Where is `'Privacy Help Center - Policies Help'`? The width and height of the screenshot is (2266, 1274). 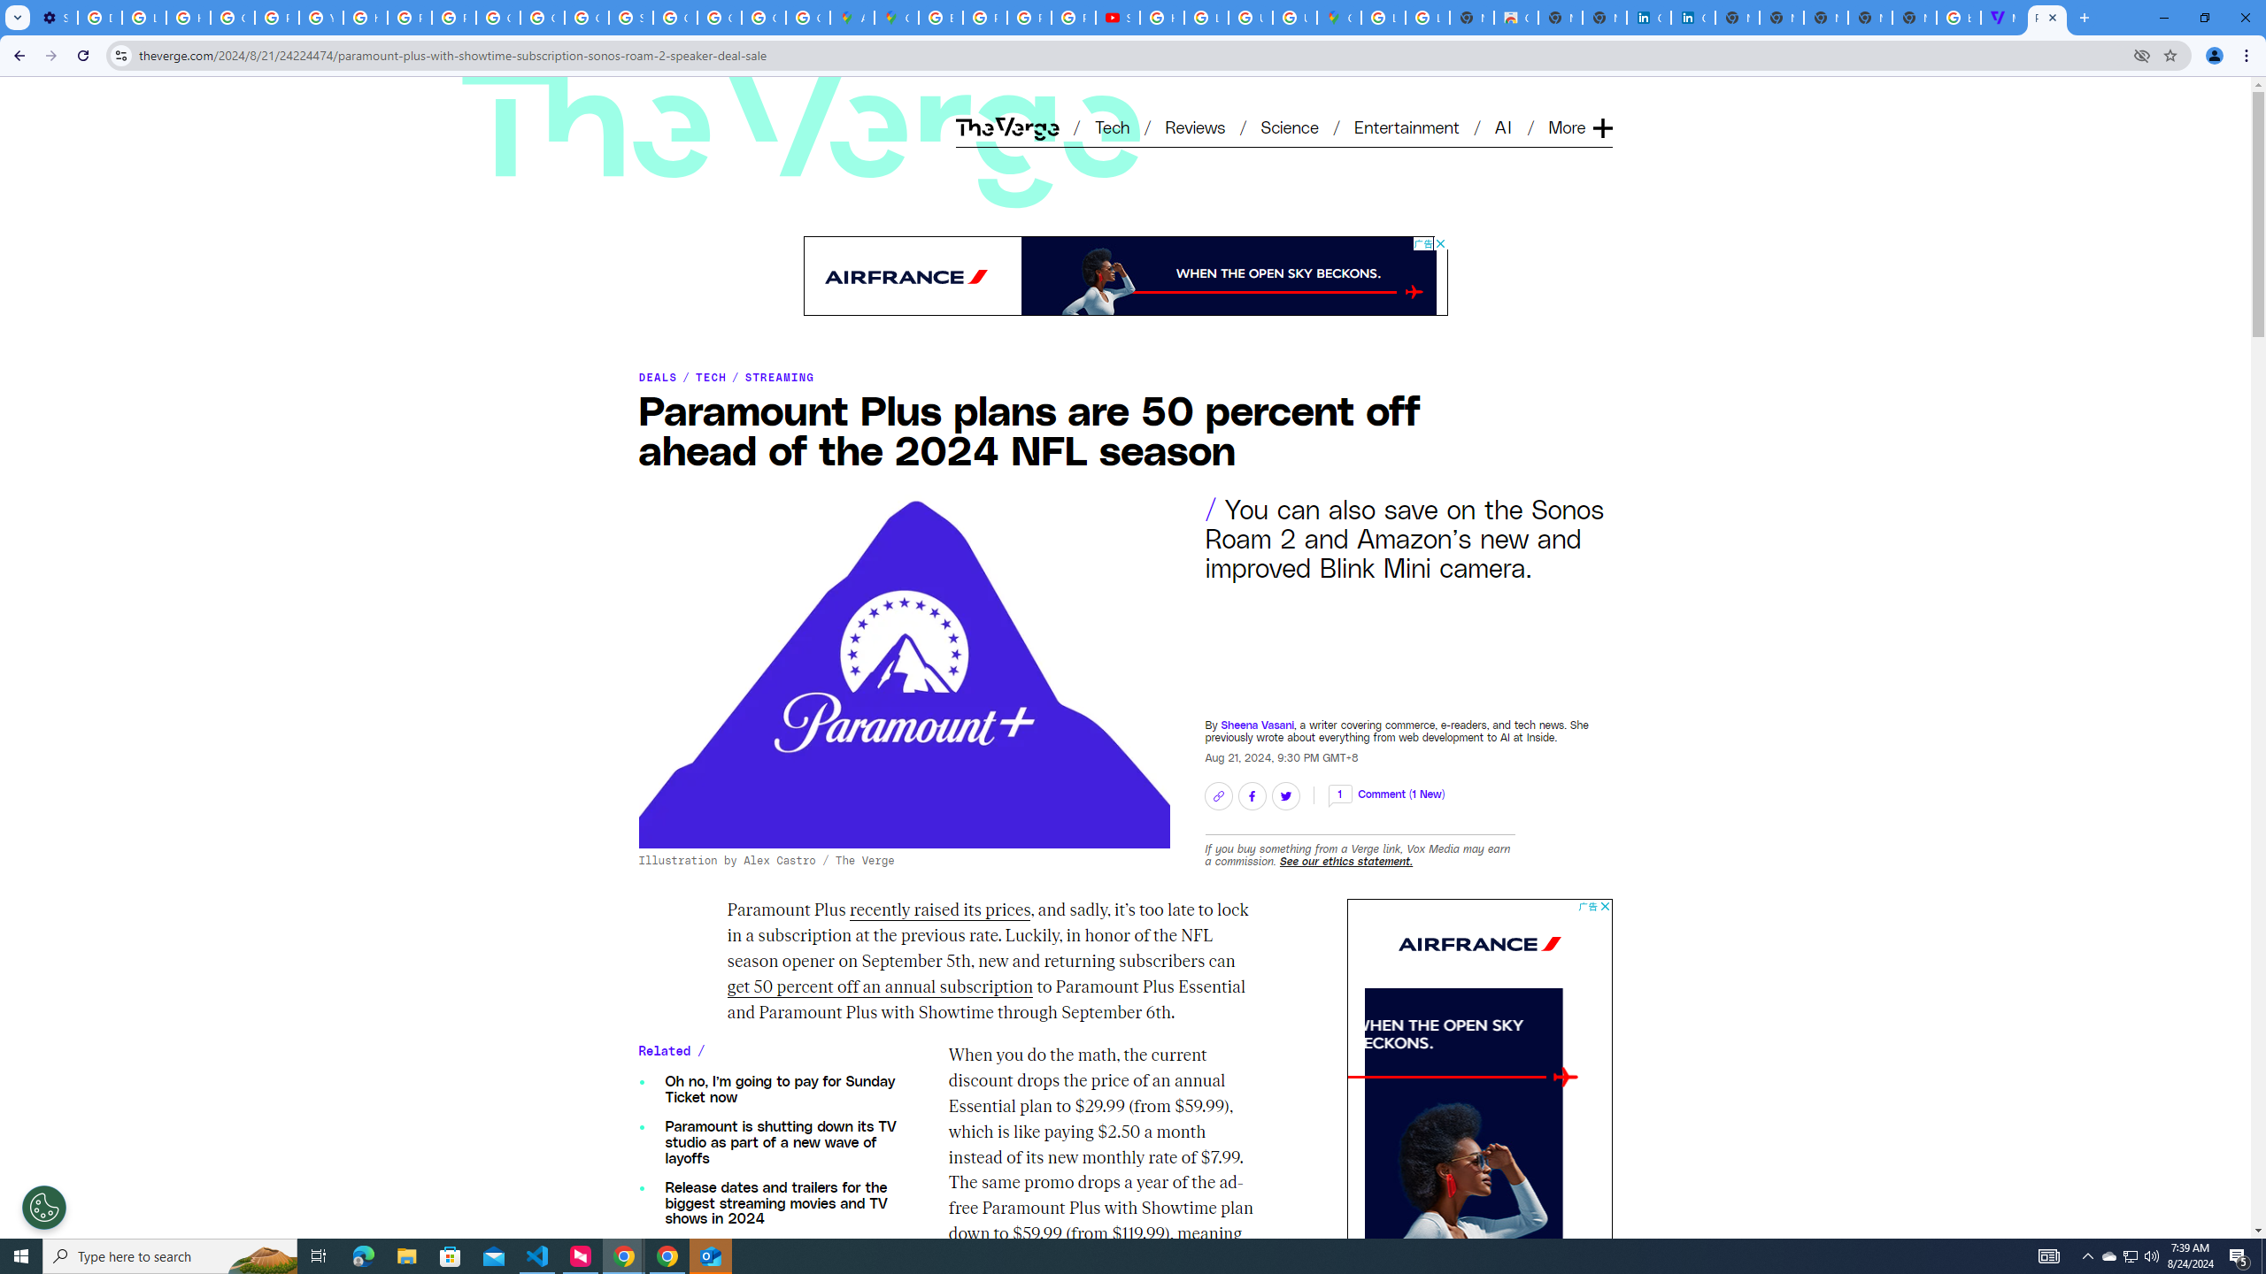 'Privacy Help Center - Policies Help' is located at coordinates (1029, 17).